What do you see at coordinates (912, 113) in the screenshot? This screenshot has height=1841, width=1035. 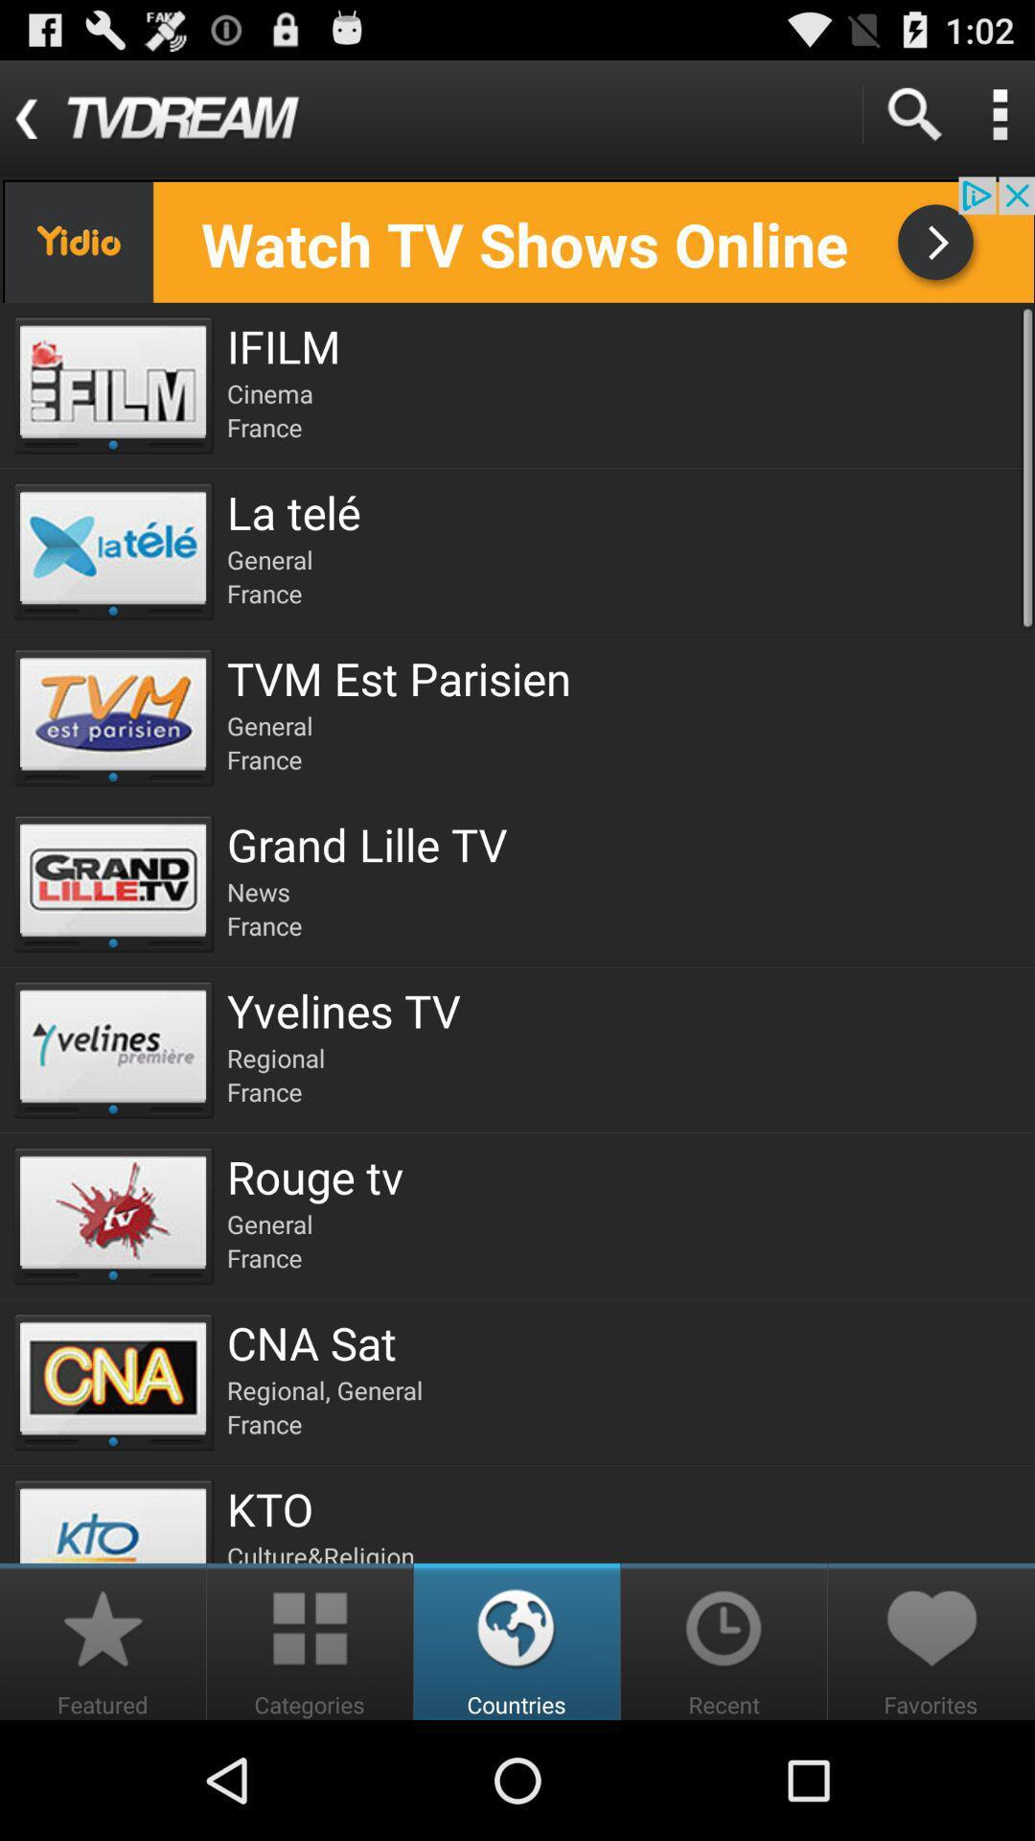 I see `search app` at bounding box center [912, 113].